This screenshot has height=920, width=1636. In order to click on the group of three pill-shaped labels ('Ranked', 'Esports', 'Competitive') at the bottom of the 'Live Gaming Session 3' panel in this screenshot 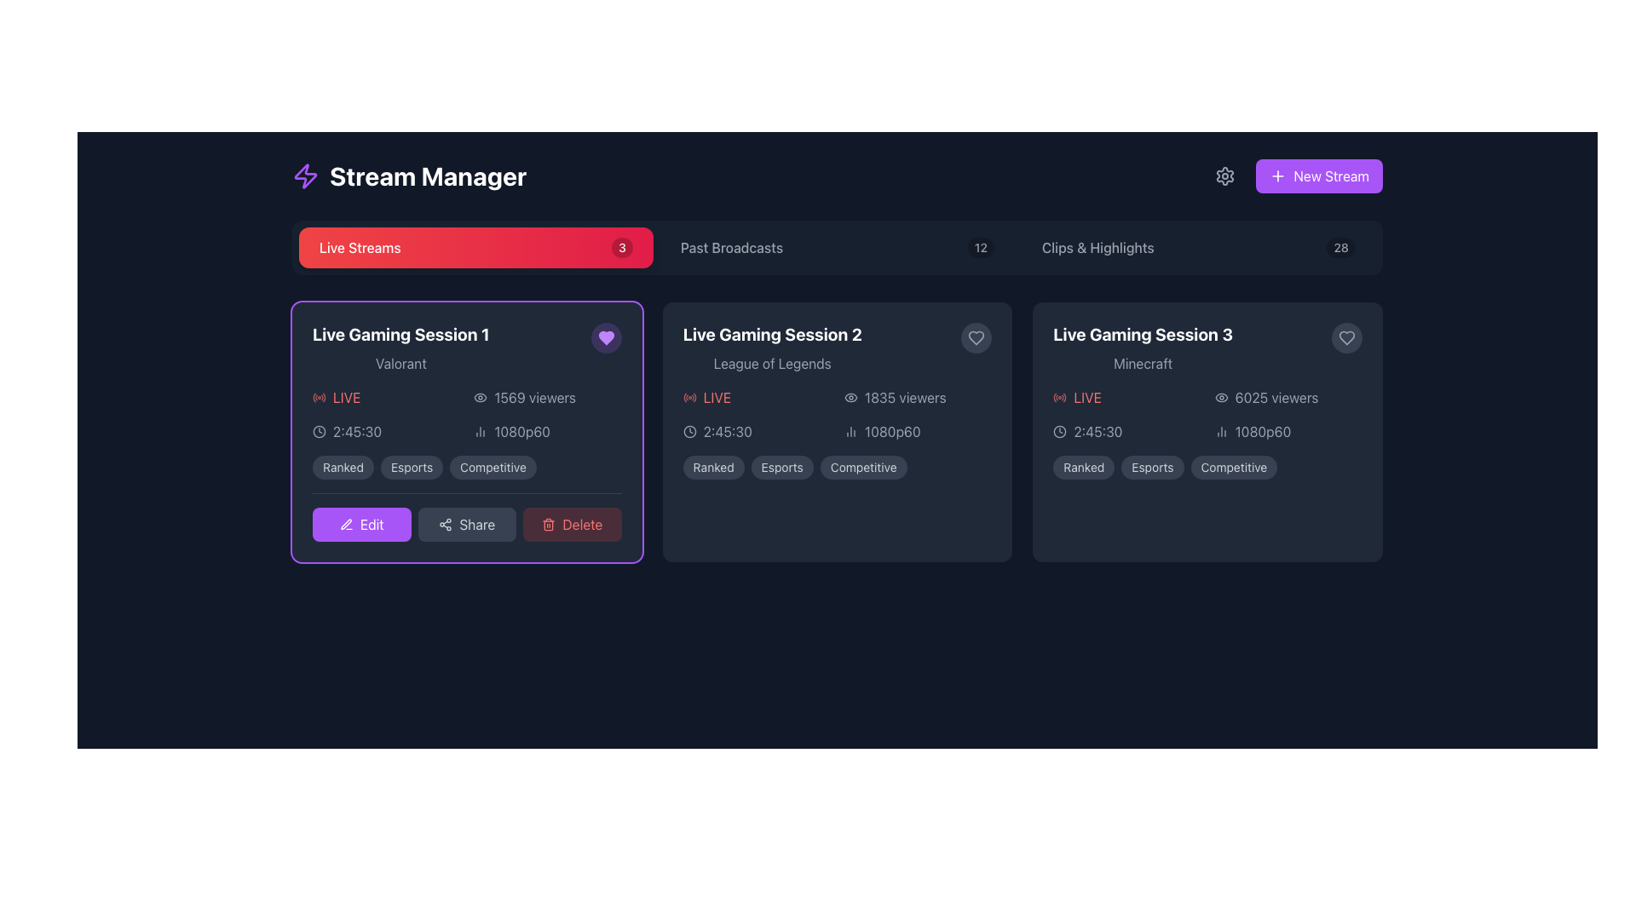, I will do `click(1207, 467)`.